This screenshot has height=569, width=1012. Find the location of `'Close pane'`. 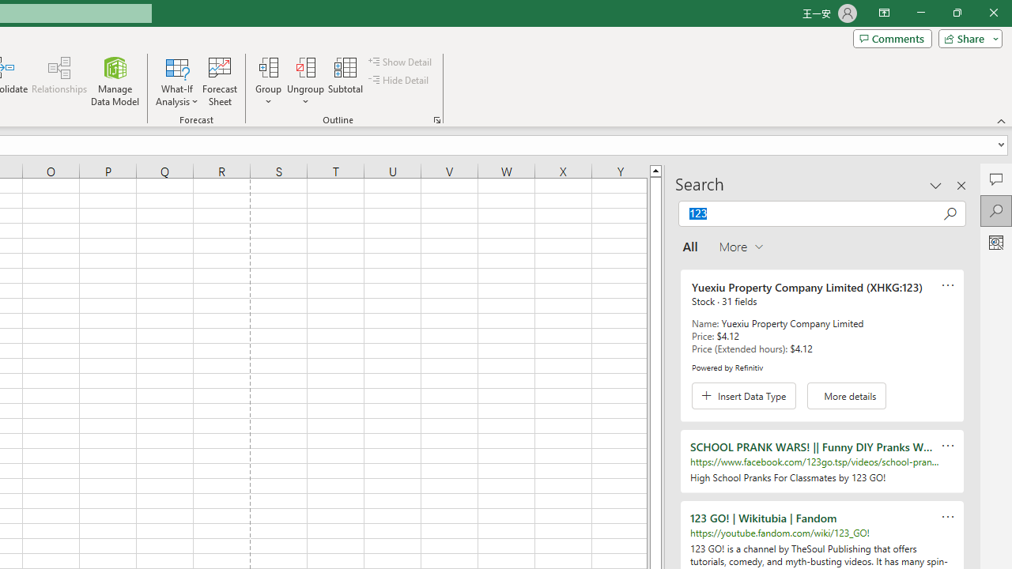

'Close pane' is located at coordinates (961, 185).